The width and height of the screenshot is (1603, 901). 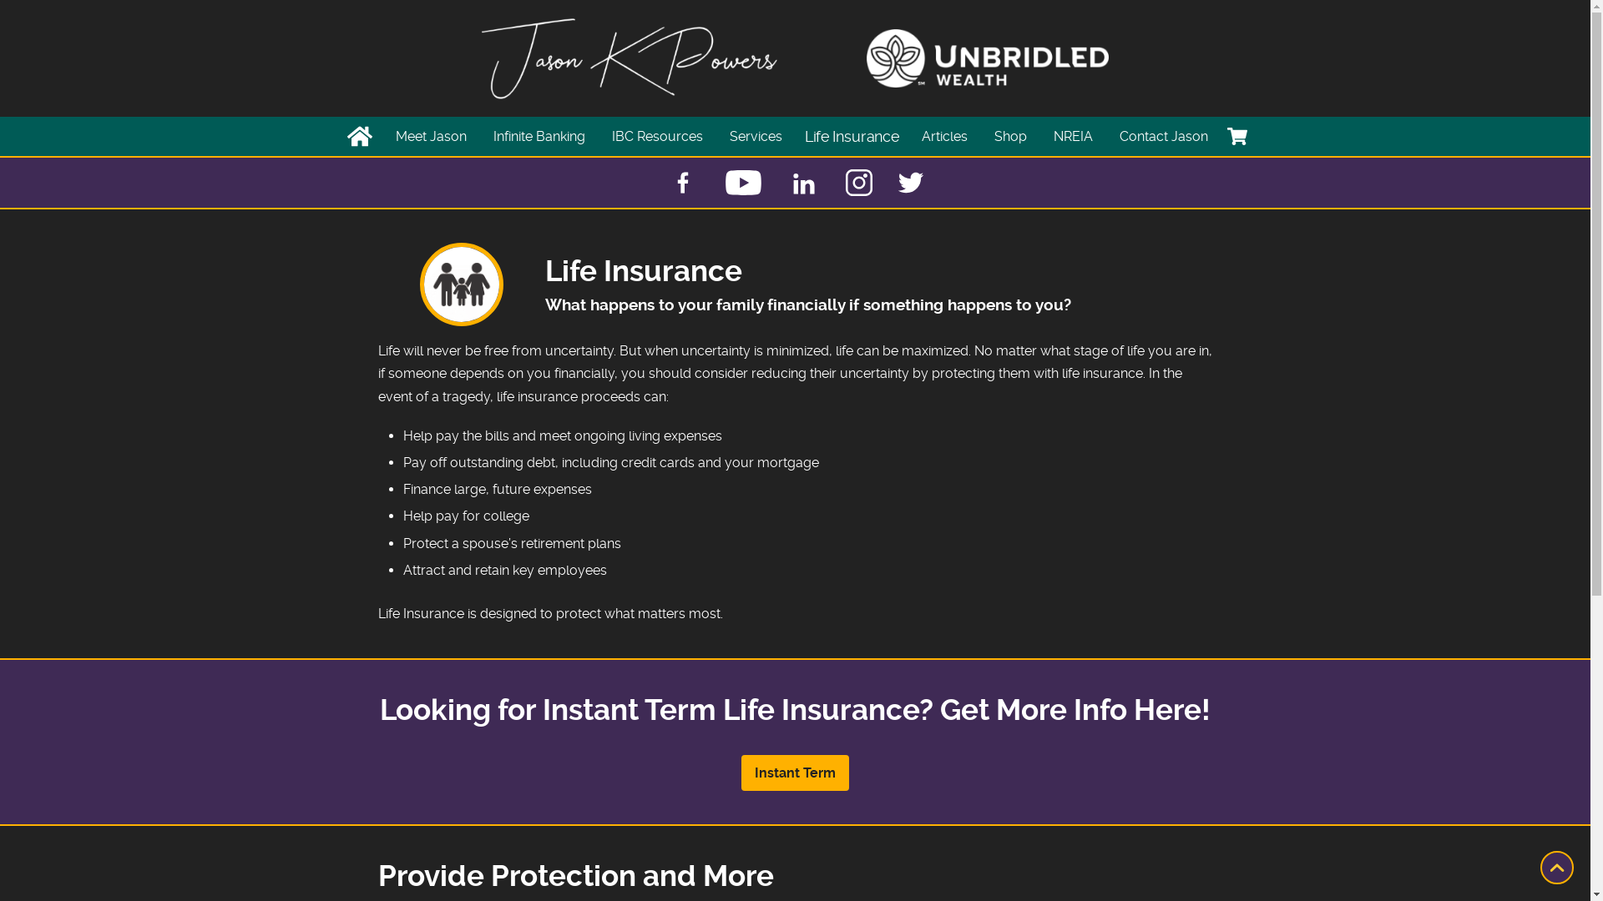 What do you see at coordinates (655, 135) in the screenshot?
I see `'IBC Resources'` at bounding box center [655, 135].